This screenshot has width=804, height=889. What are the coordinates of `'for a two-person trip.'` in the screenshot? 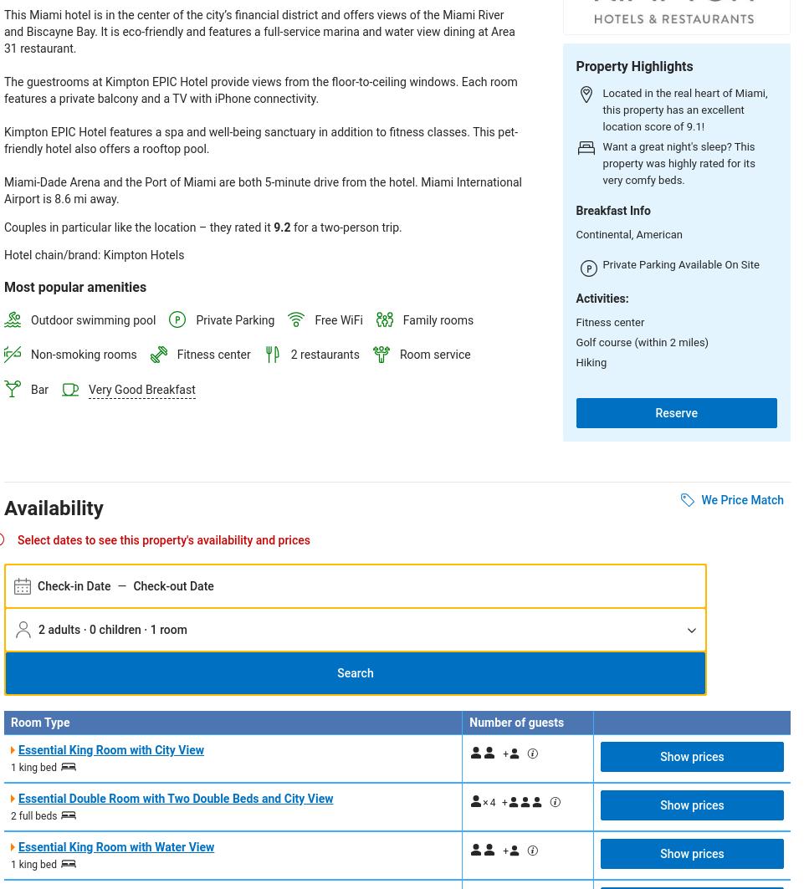 It's located at (289, 227).